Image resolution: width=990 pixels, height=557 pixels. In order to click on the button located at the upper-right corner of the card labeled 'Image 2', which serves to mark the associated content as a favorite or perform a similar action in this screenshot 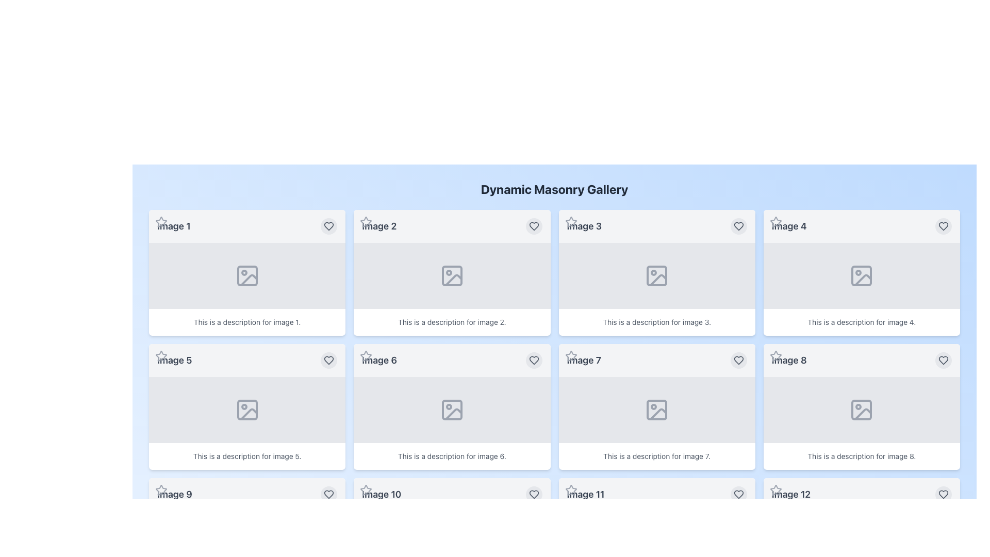, I will do `click(534, 226)`.